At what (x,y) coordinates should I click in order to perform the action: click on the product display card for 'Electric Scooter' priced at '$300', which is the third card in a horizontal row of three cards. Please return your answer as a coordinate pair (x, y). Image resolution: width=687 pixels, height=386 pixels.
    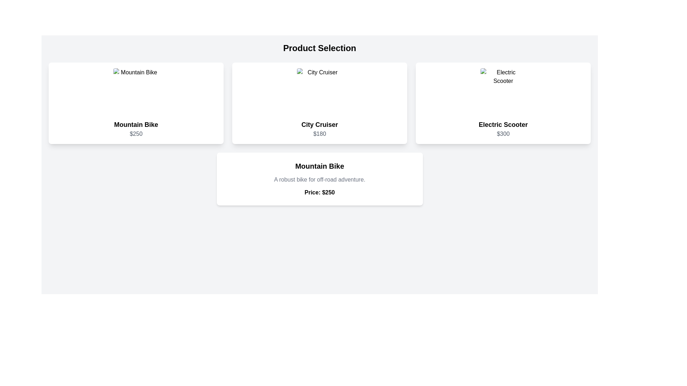
    Looking at the image, I should click on (503, 103).